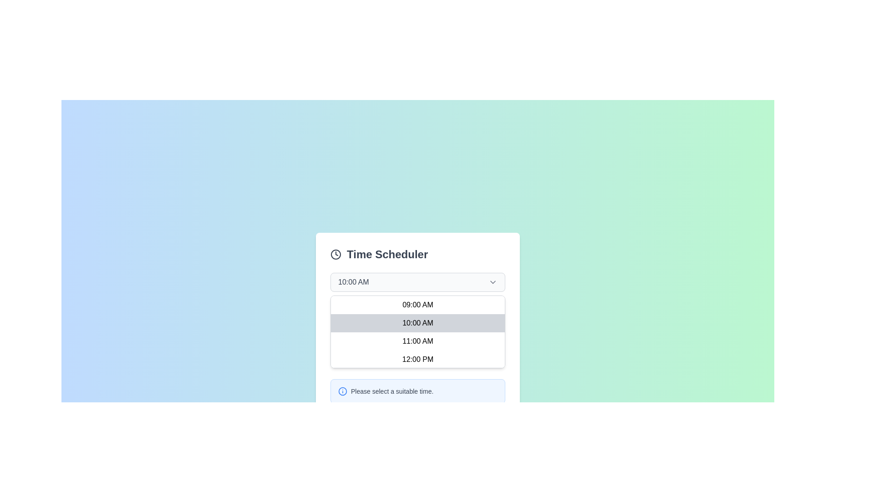 This screenshot has width=874, height=491. What do you see at coordinates (493, 282) in the screenshot?
I see `the small downward-pointing chevron icon located at the extreme right of the '10:00 AM' text field in the 'Time Scheduler' interface` at bounding box center [493, 282].